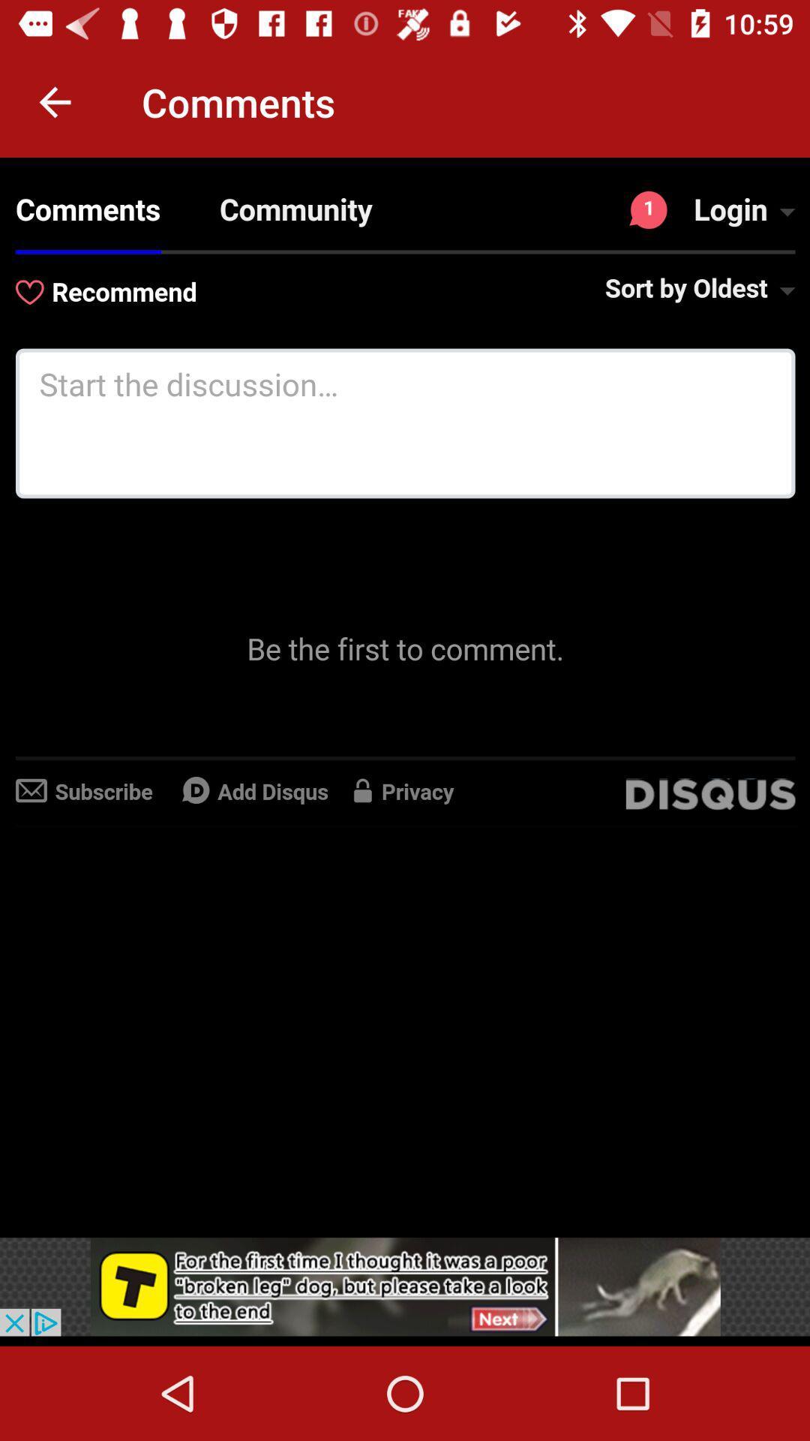 The image size is (810, 1441). What do you see at coordinates (405, 1286) in the screenshot?
I see `details about advertisement` at bounding box center [405, 1286].